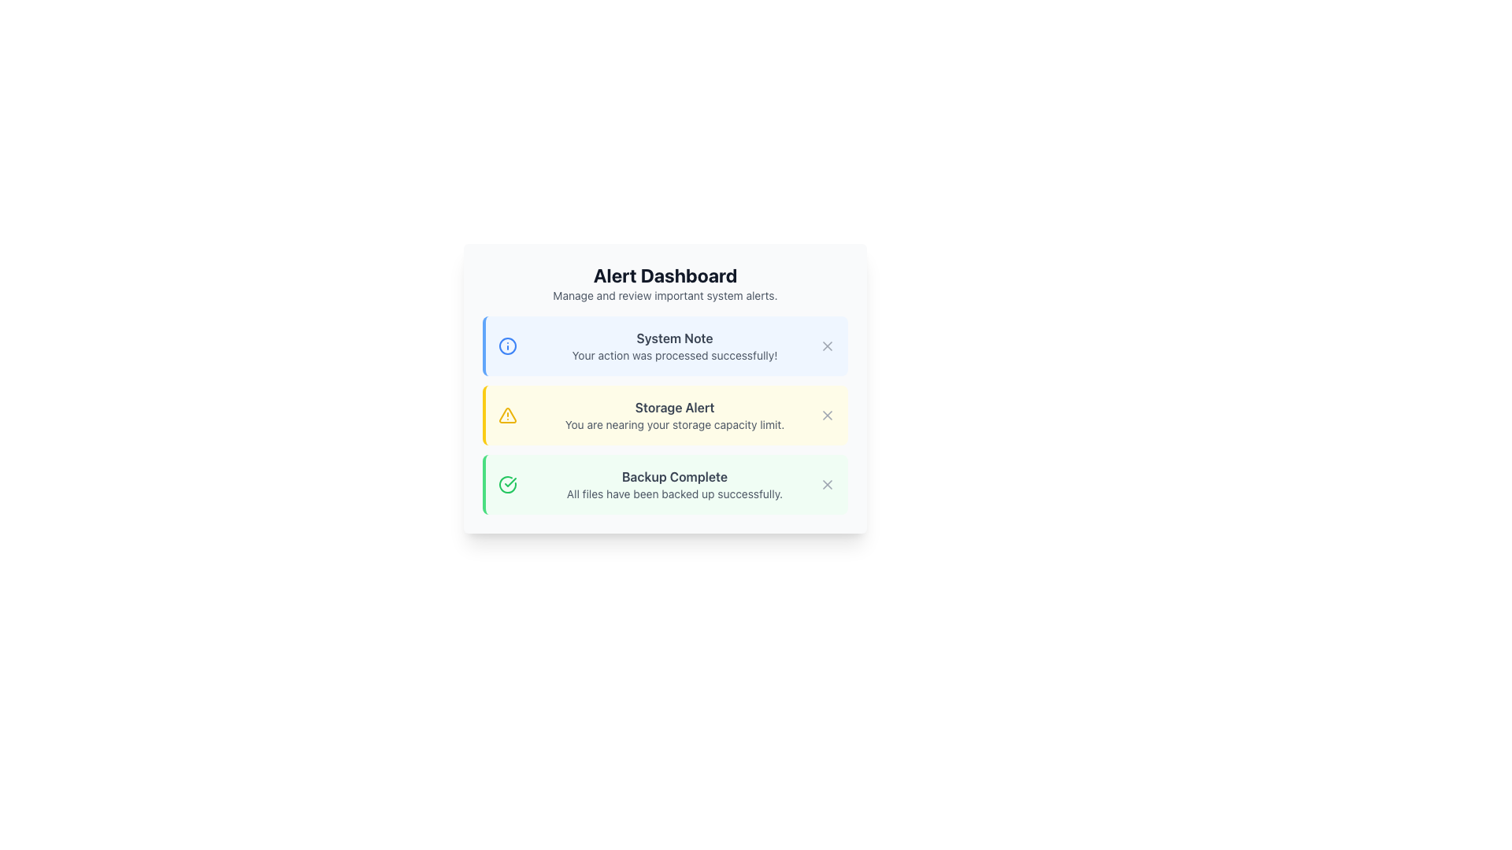 This screenshot has height=850, width=1512. Describe the element at coordinates (827, 415) in the screenshot. I see `the 'X' icon button located at the top-right corner of the 'Storage Alert' to change its color` at that location.